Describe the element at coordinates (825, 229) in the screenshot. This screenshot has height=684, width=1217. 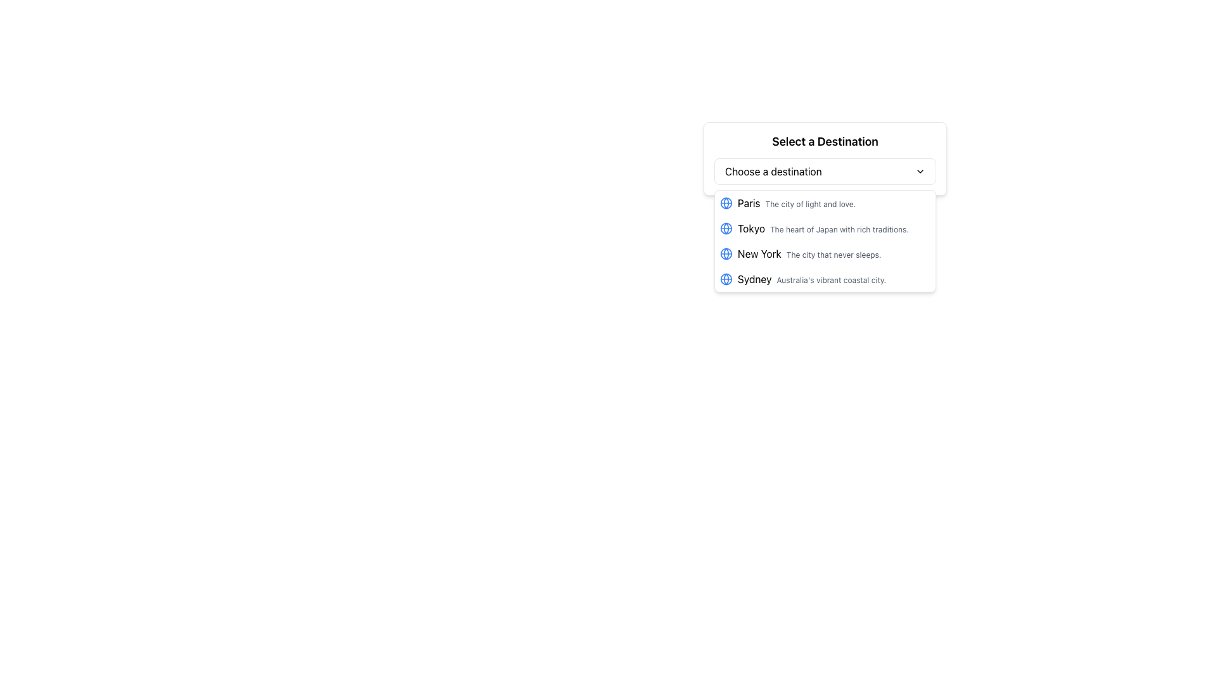
I see `the text item in the list that displays 'Tokyo'` at that location.